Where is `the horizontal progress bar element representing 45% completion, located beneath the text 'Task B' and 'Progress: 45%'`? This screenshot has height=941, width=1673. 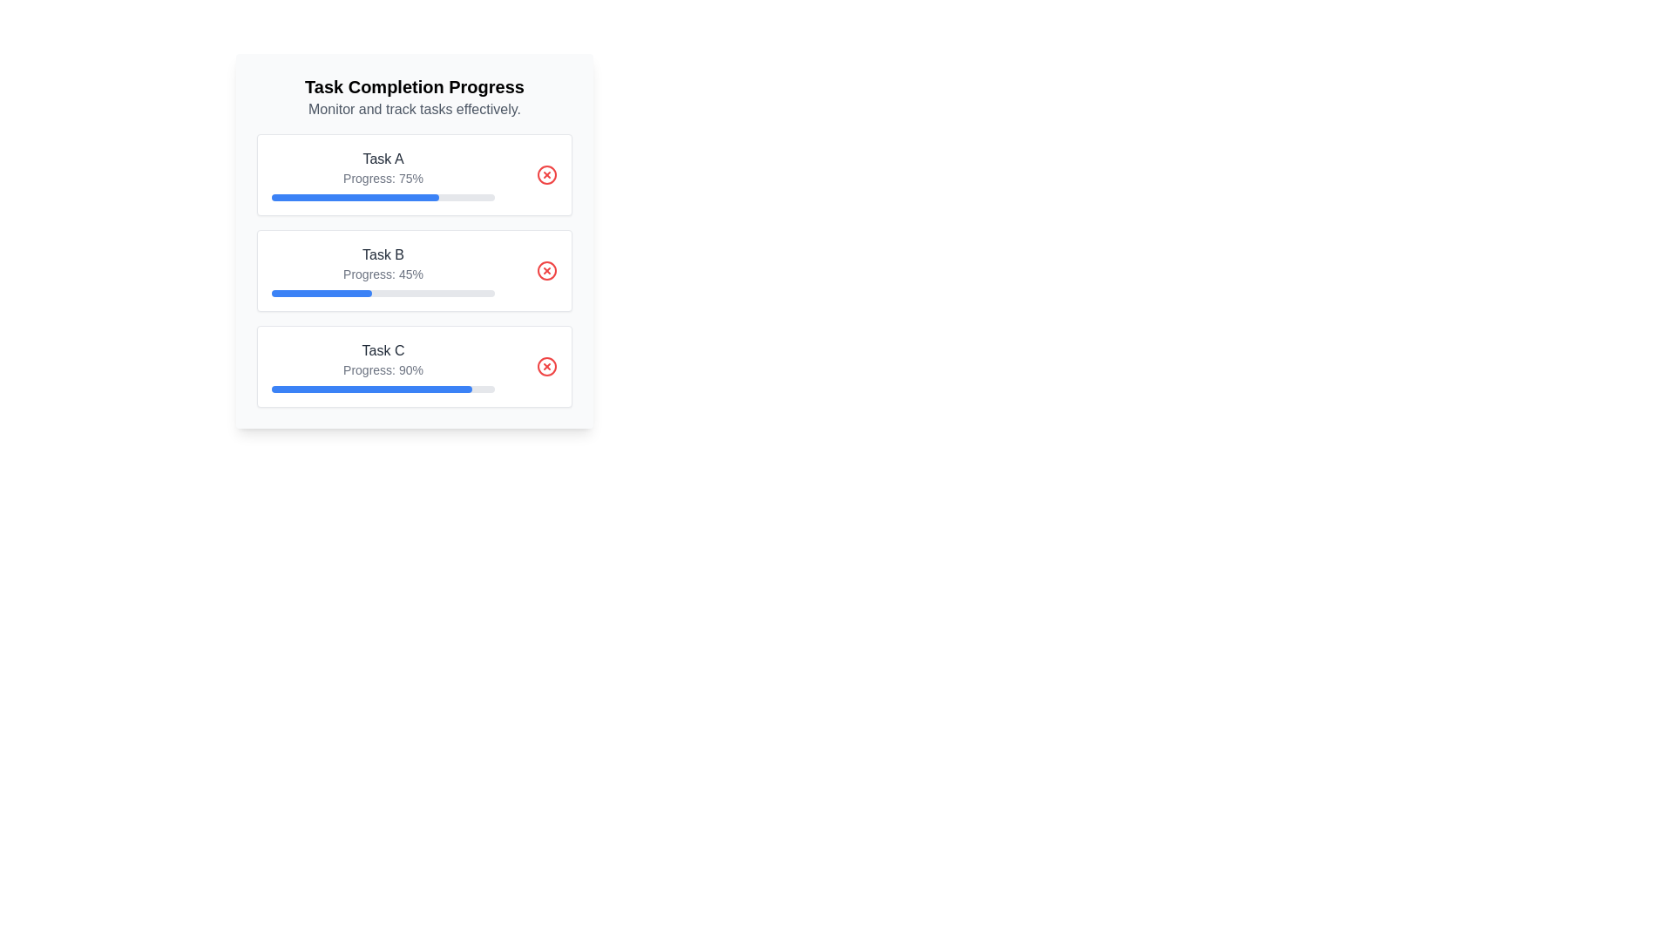
the horizontal progress bar element representing 45% completion, located beneath the text 'Task B' and 'Progress: 45%' is located at coordinates (383, 292).